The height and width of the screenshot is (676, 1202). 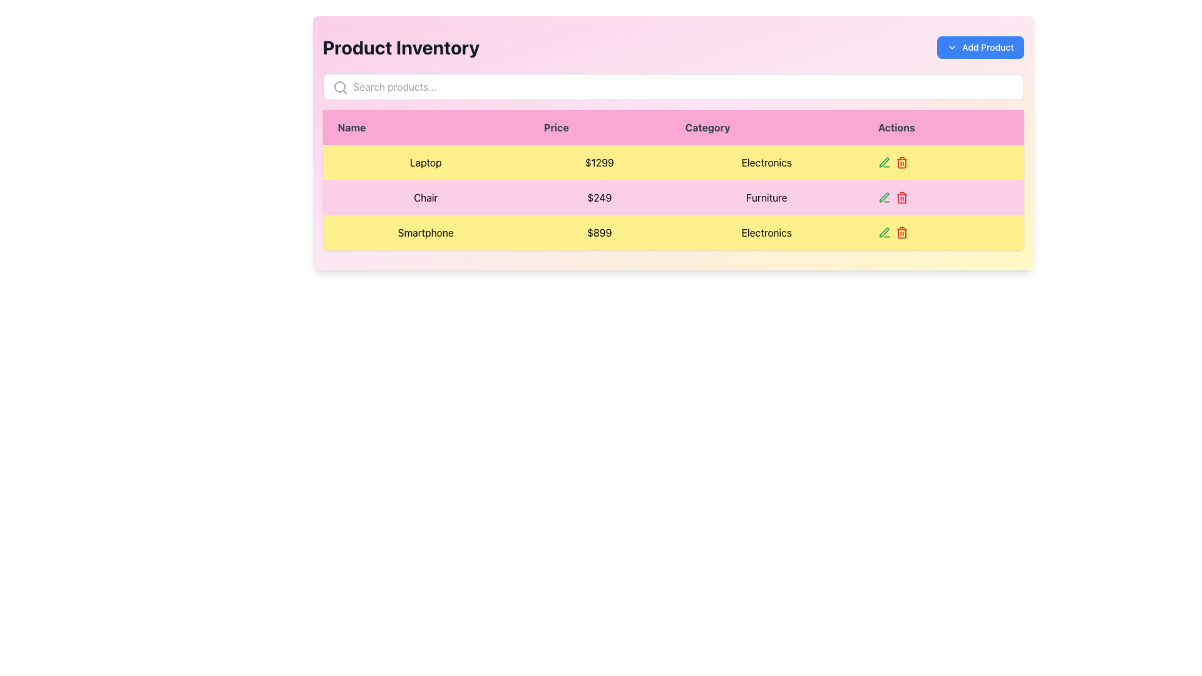 What do you see at coordinates (902, 232) in the screenshot?
I see `the delete action icon for the 'Smartphone' product row to potentially display a tooltip` at bounding box center [902, 232].